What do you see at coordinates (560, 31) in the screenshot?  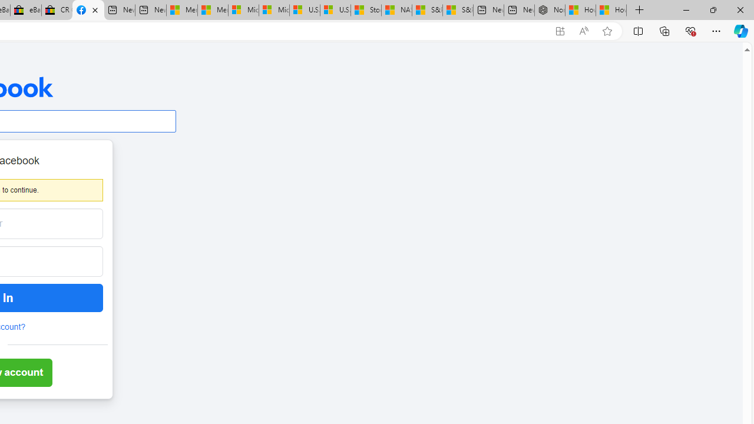 I see `'App available. Install Facebook'` at bounding box center [560, 31].